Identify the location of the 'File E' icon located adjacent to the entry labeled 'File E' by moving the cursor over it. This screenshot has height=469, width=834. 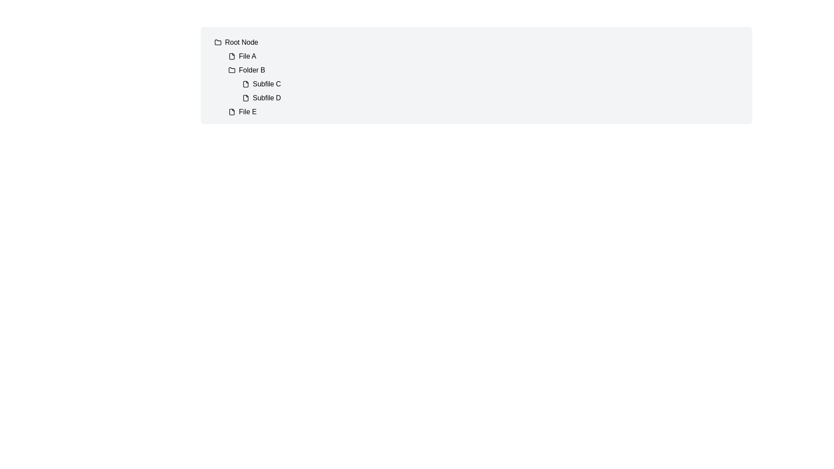
(232, 111).